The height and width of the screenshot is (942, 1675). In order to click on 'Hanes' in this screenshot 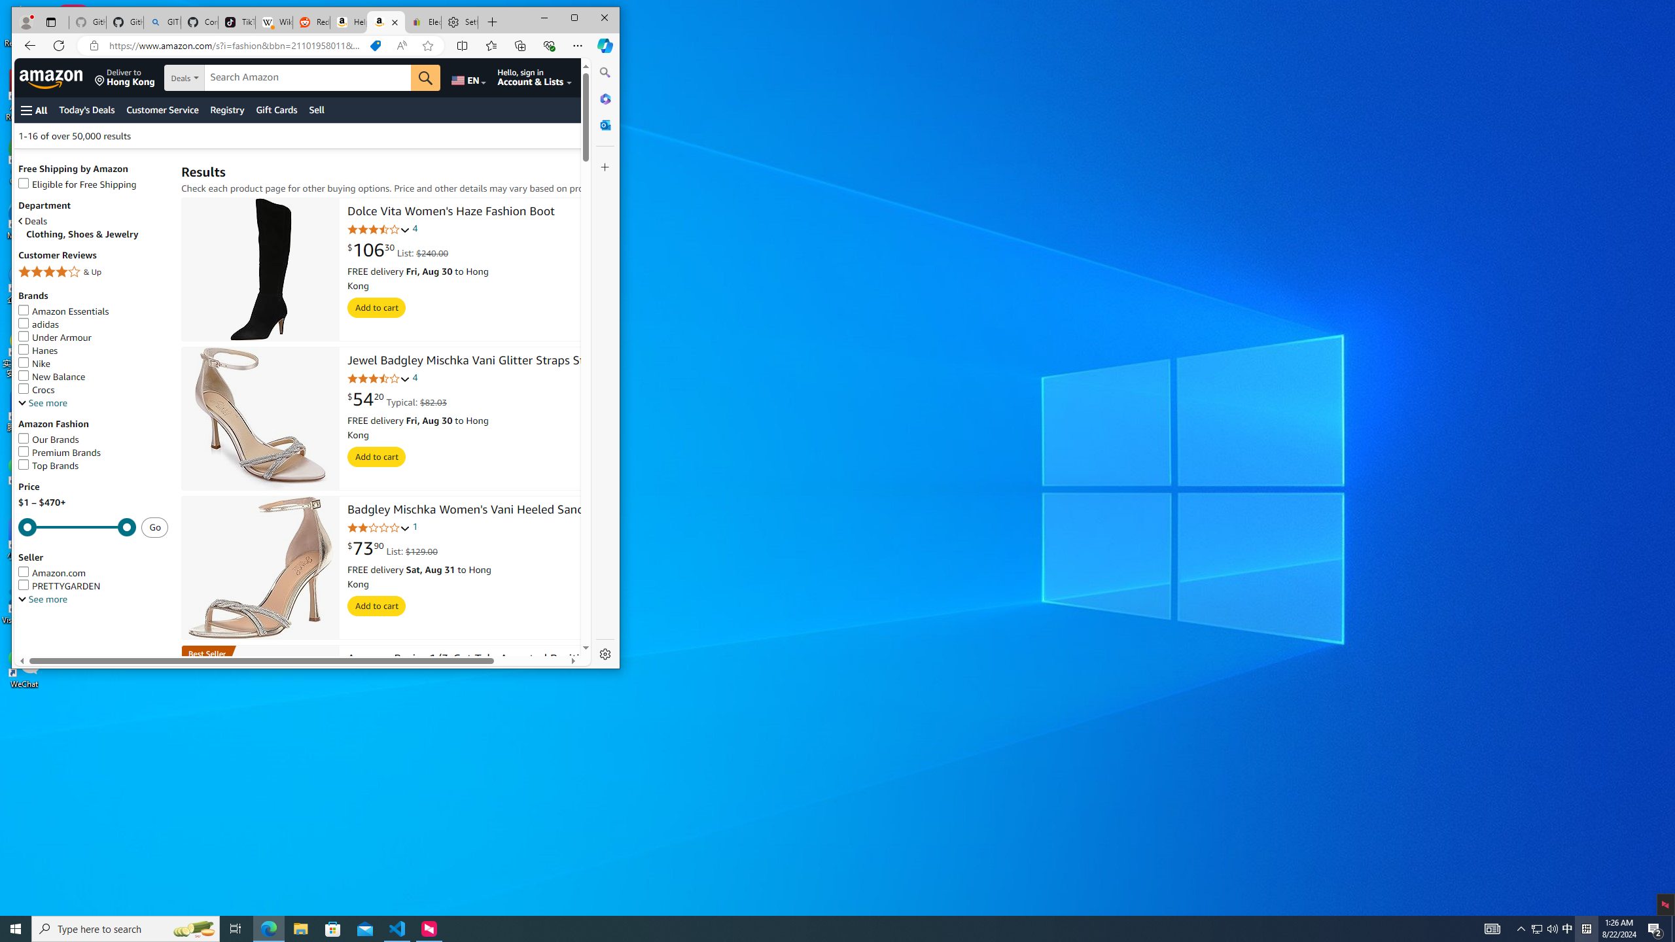, I will do `click(37, 350)`.